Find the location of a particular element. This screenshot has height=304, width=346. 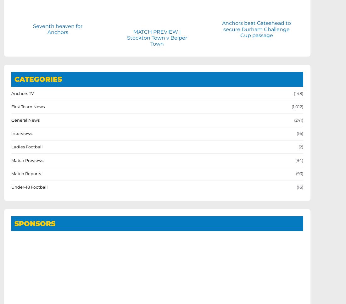

'SPONSORS' is located at coordinates (35, 223).